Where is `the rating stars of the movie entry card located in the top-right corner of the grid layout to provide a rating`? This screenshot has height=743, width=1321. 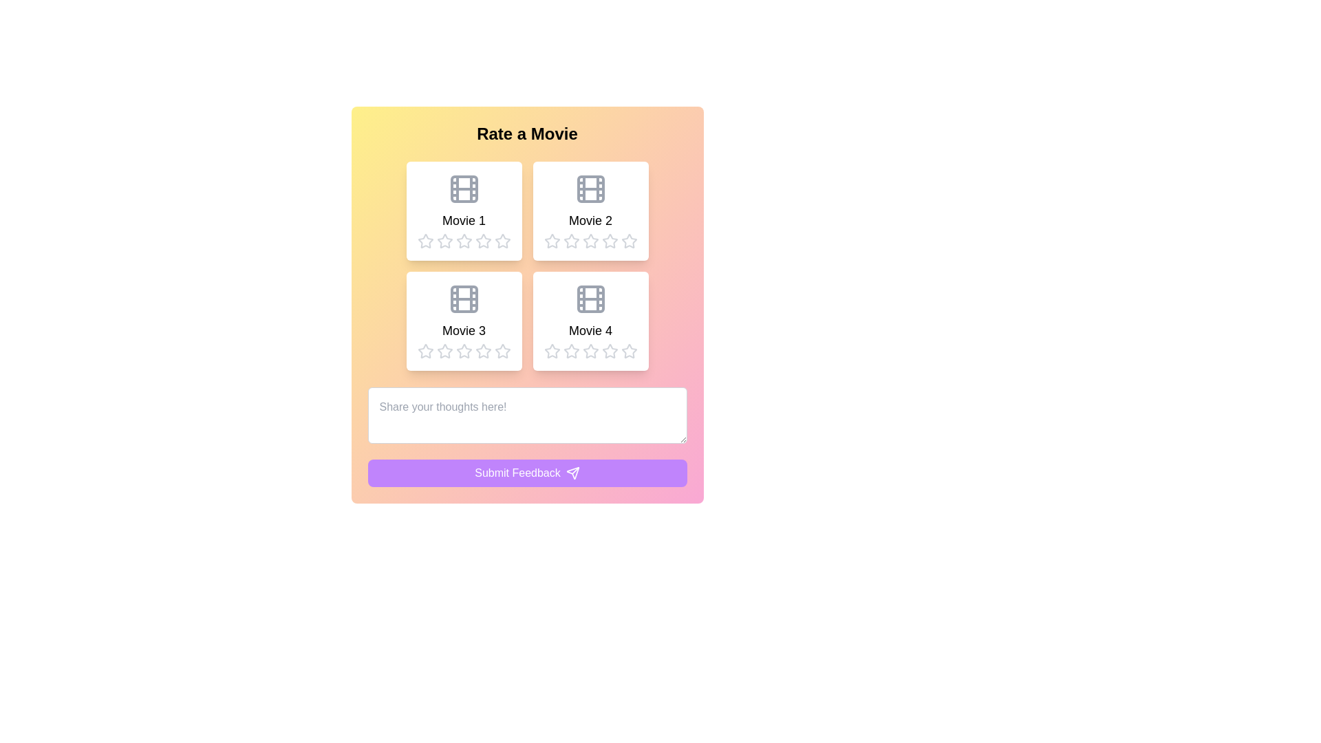 the rating stars of the movie entry card located in the top-right corner of the grid layout to provide a rating is located at coordinates (590, 211).